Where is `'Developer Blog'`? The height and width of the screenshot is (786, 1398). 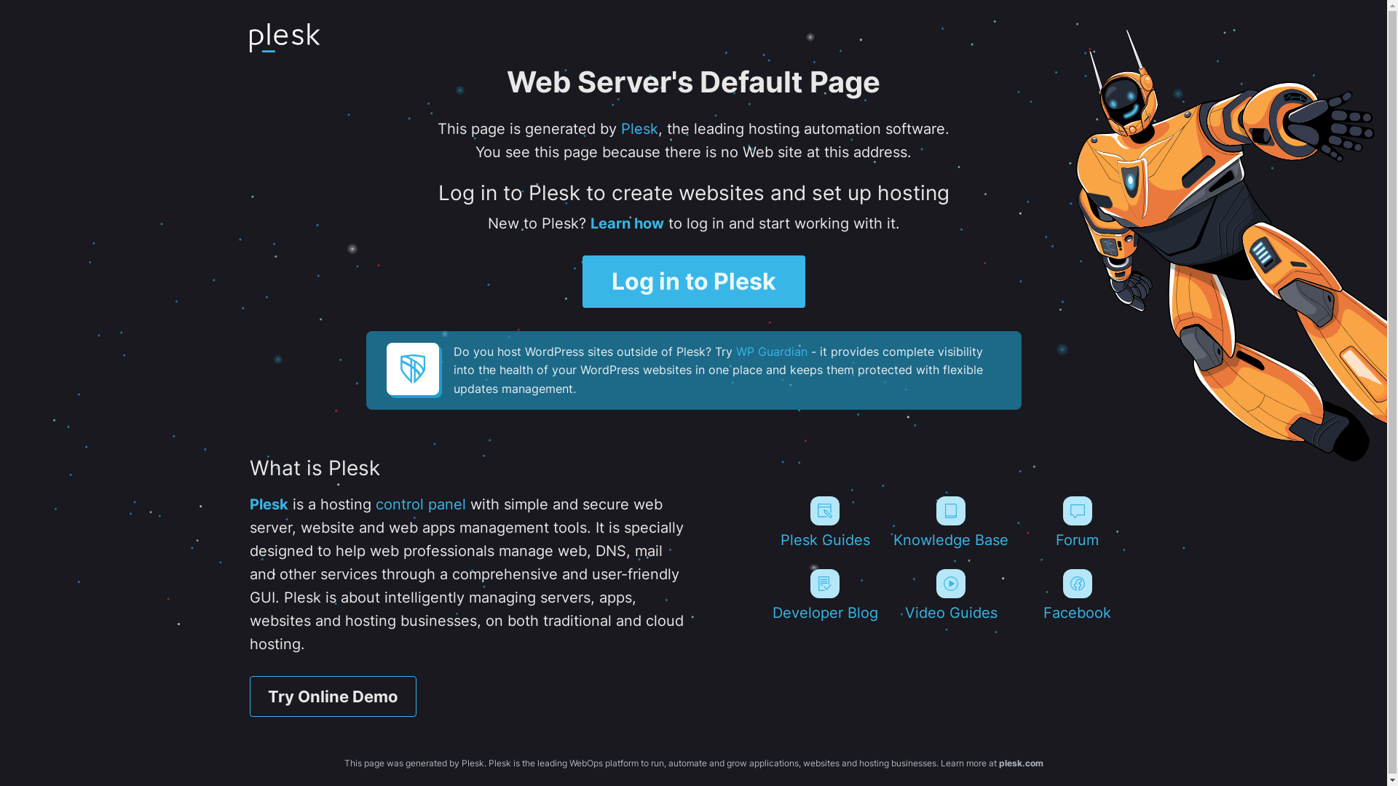 'Developer Blog' is located at coordinates (824, 595).